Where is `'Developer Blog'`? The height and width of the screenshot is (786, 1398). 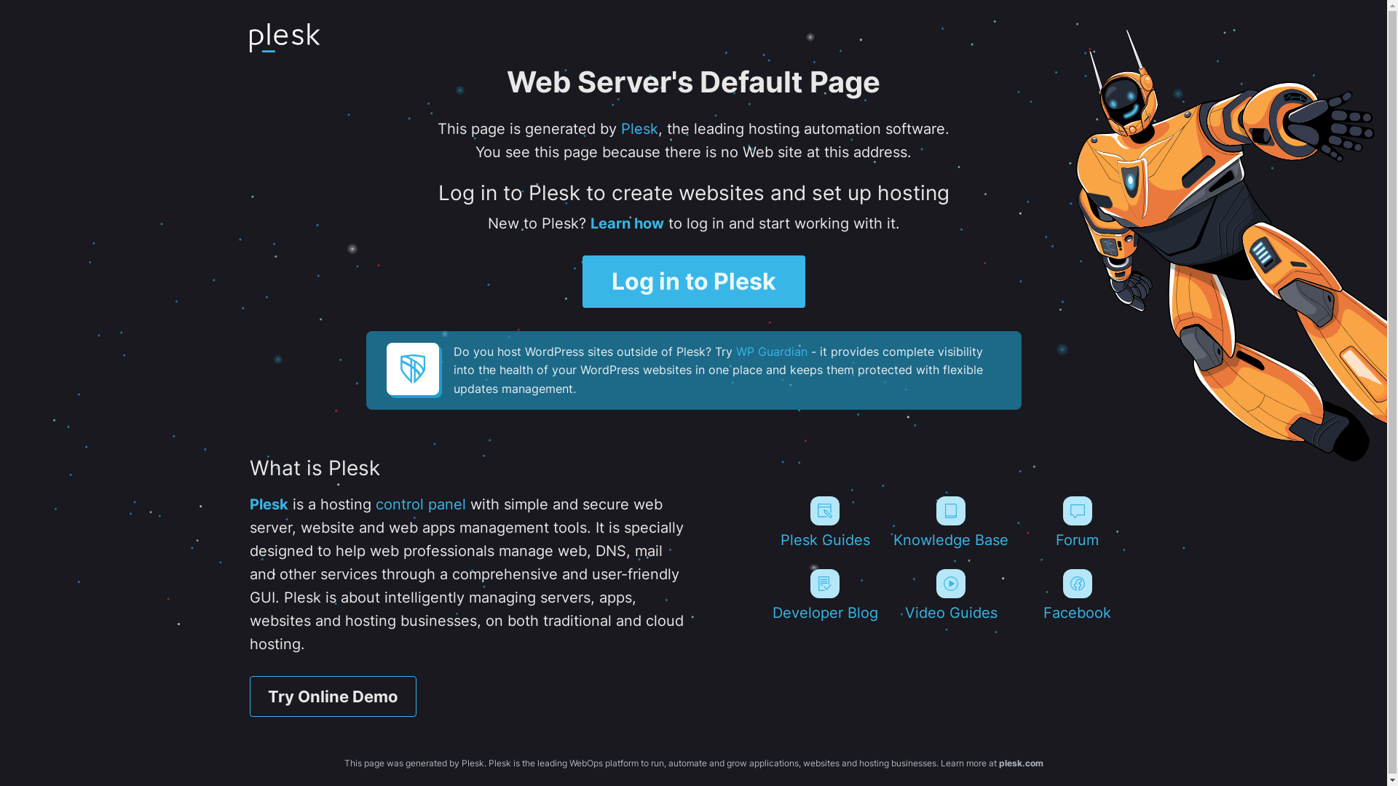 'Developer Blog' is located at coordinates (824, 595).